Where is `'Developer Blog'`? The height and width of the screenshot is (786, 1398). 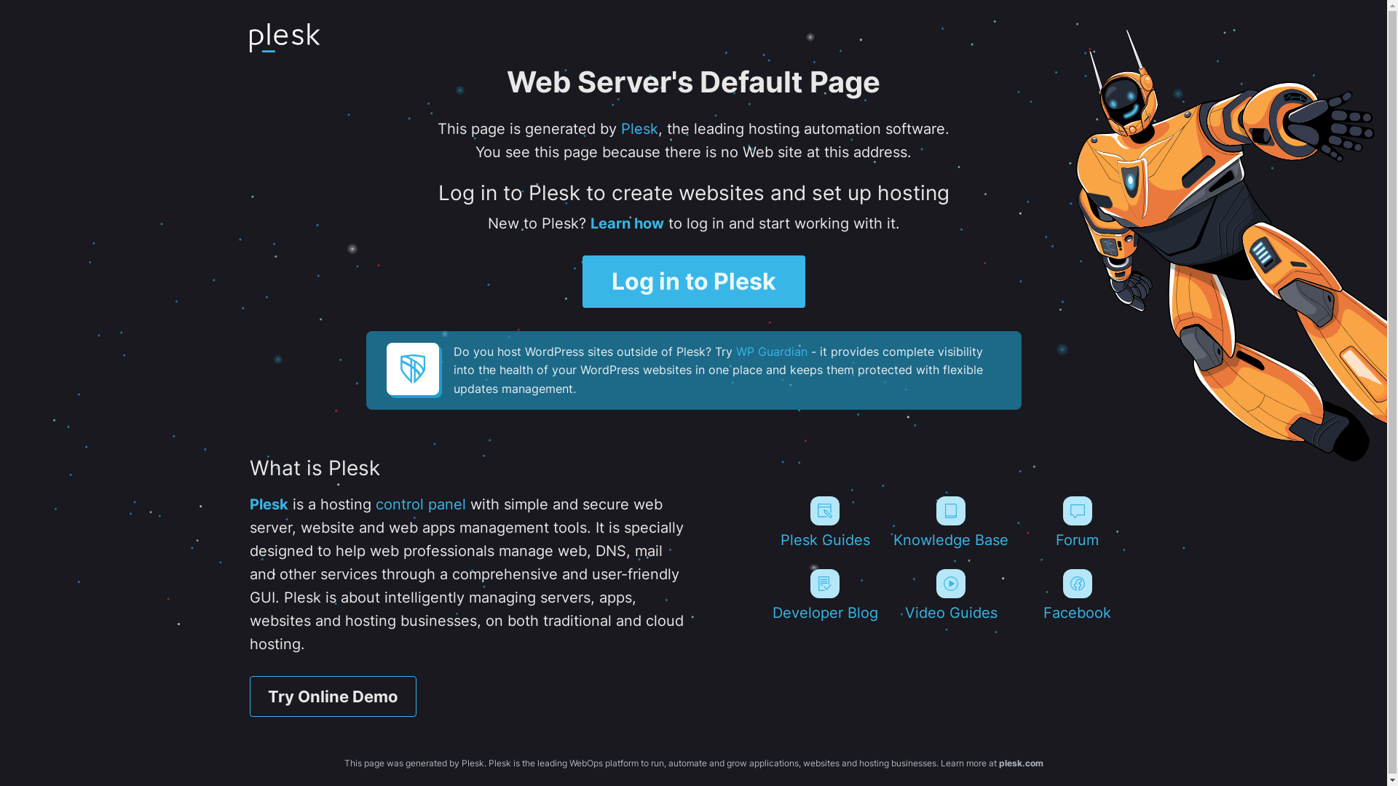 'Developer Blog' is located at coordinates (824, 595).